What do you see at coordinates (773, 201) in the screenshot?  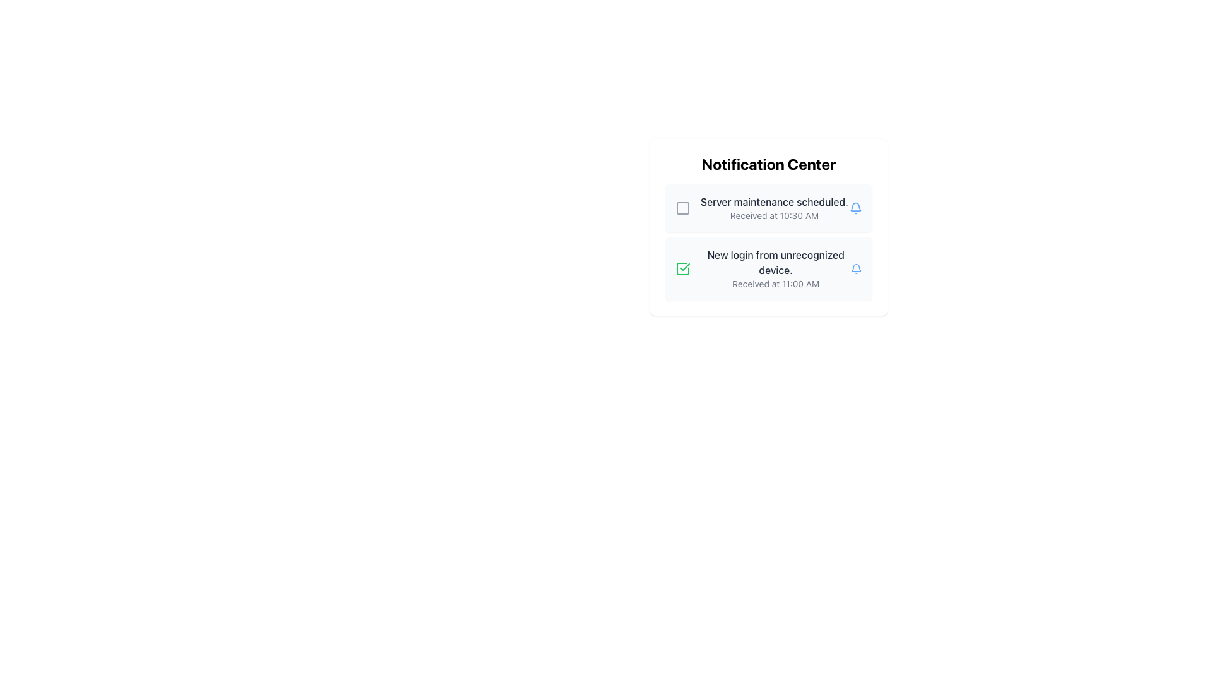 I see `the first line of text in the notification entry in the Notification Center, which describes the event or alert` at bounding box center [773, 201].